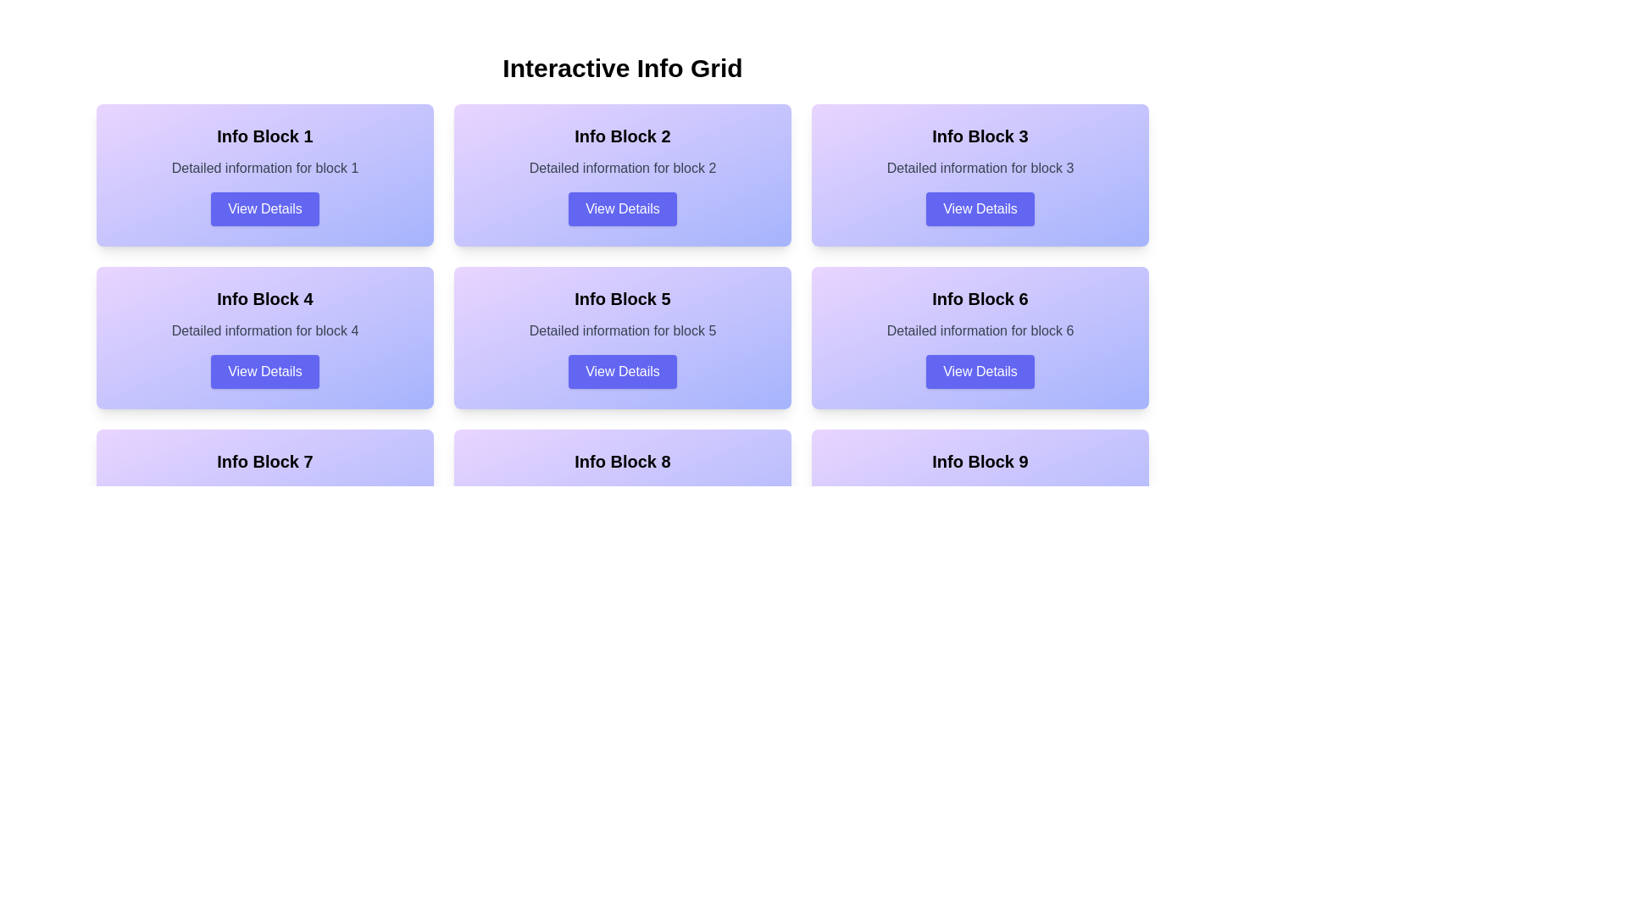  I want to click on the 'View Details' button located in the lower portion of the 'Info Block 2' card, so click(621, 208).